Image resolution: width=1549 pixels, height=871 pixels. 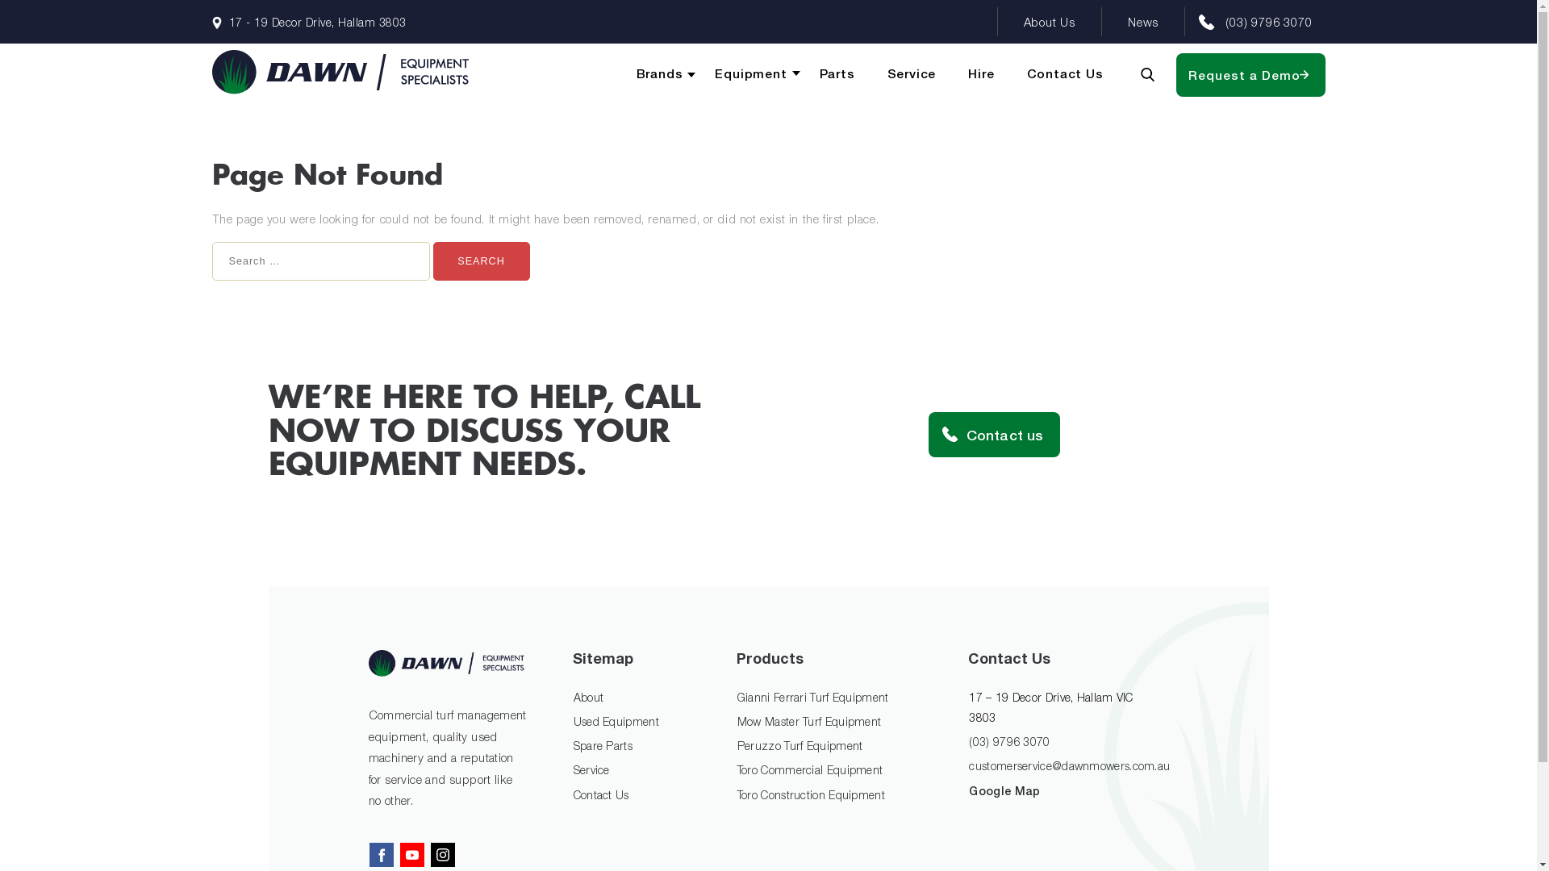 I want to click on 'About Us', so click(x=1049, y=22).